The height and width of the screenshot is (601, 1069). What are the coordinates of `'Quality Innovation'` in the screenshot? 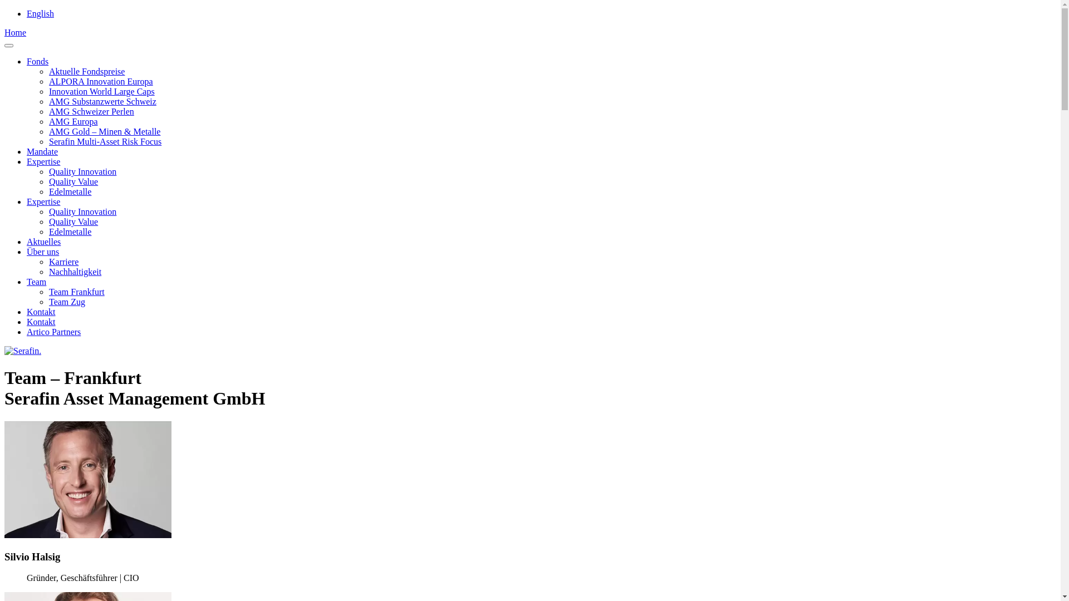 It's located at (82, 211).